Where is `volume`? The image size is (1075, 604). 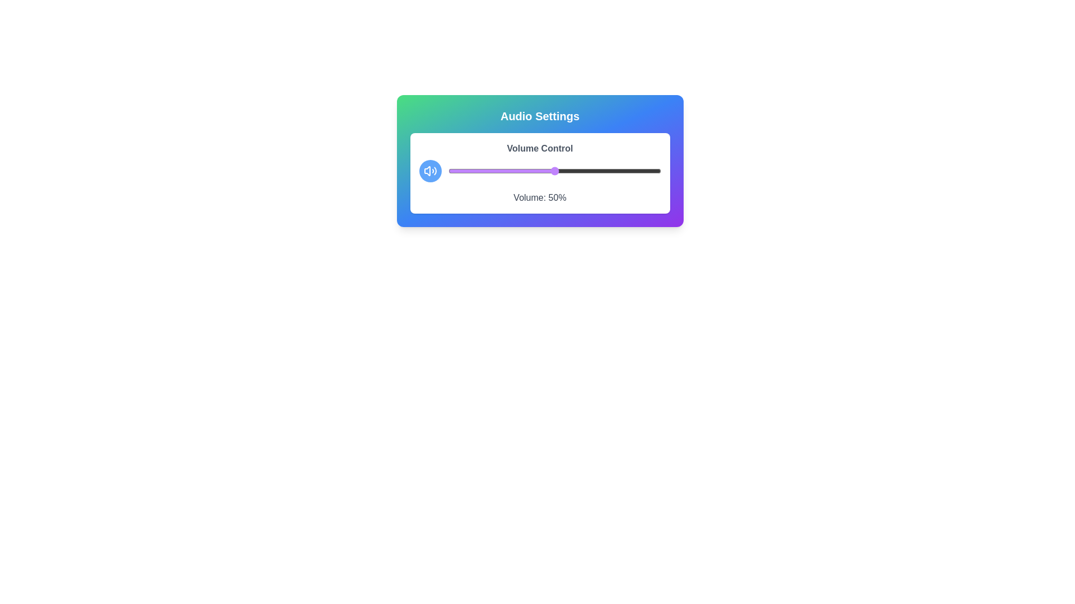
volume is located at coordinates (520, 171).